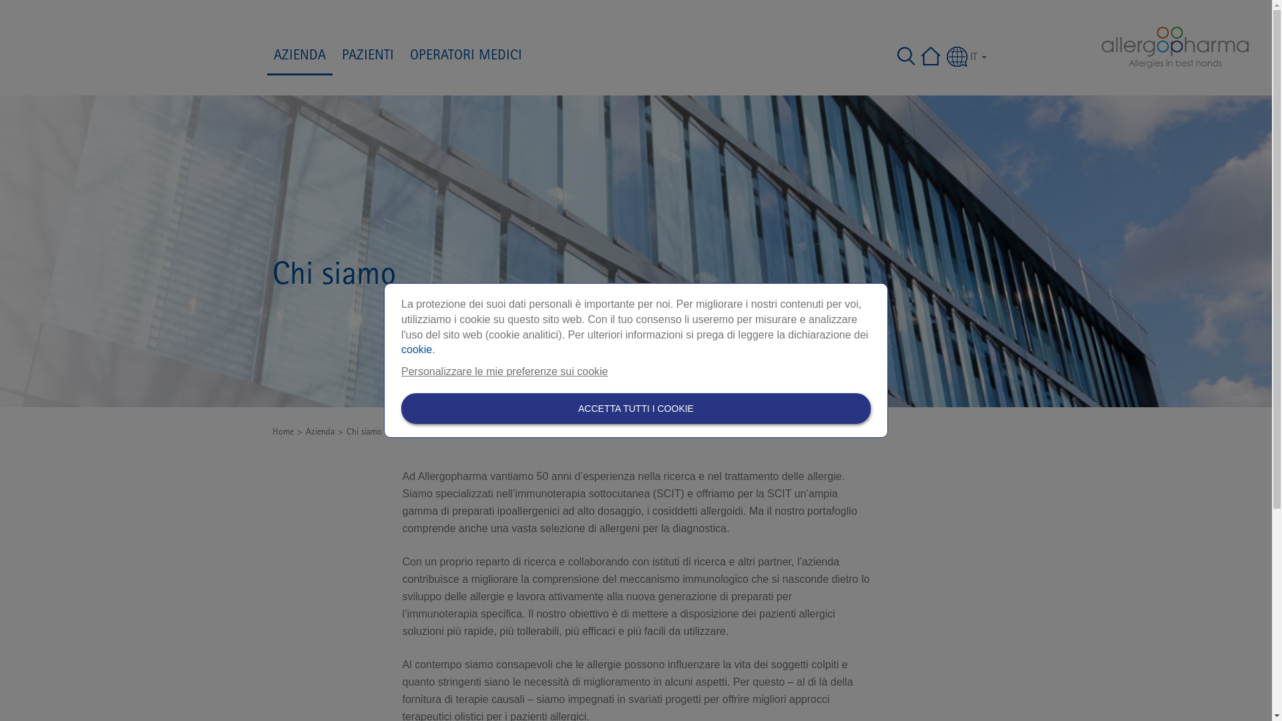  Describe the element at coordinates (465, 55) in the screenshot. I see `'OPERATORI MEDICI'` at that location.